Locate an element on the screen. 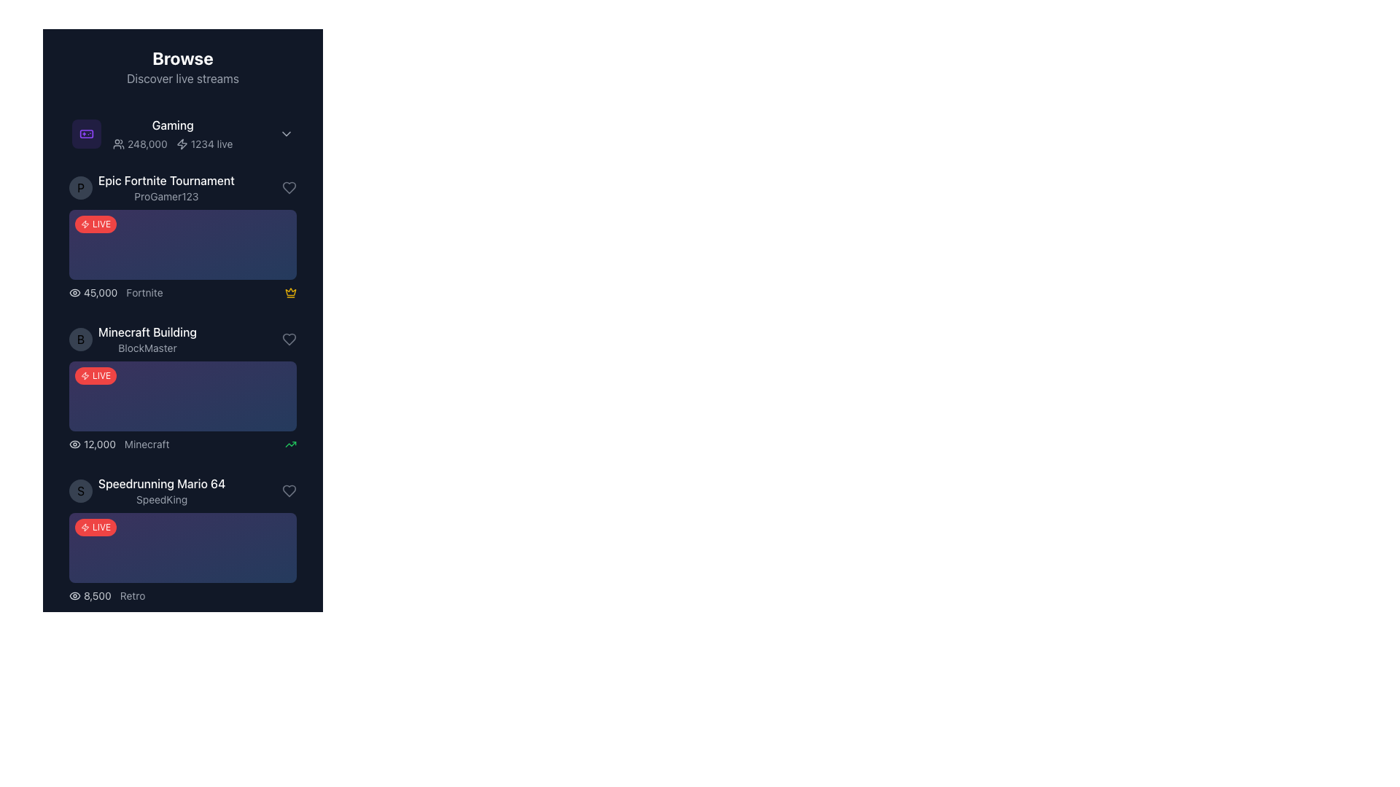 The image size is (1400, 787). the Highlight block labeled 'LIVE' in the 'Epic Fortnite Tournament' section is located at coordinates (182, 243).